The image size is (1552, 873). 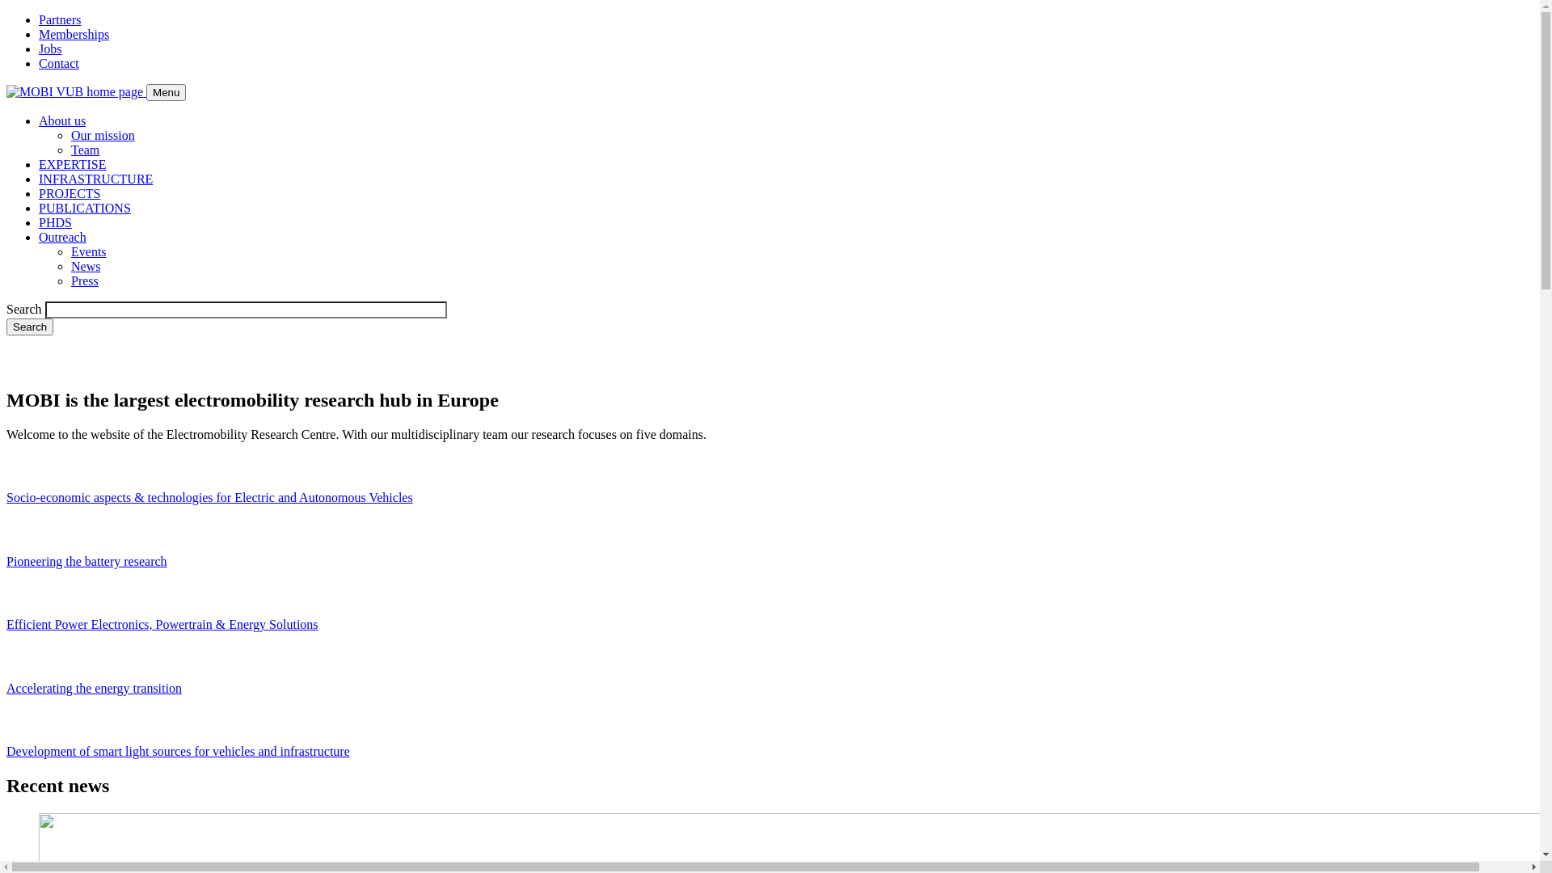 I want to click on 'Team', so click(x=84, y=150).